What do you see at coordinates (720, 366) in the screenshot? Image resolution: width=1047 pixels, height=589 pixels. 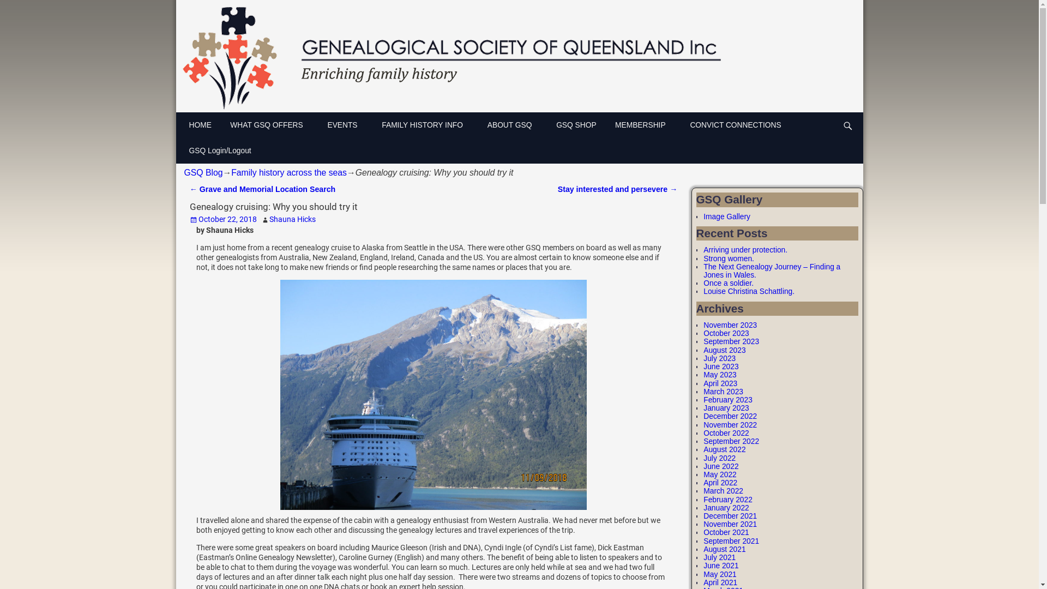 I see `'June 2023'` at bounding box center [720, 366].